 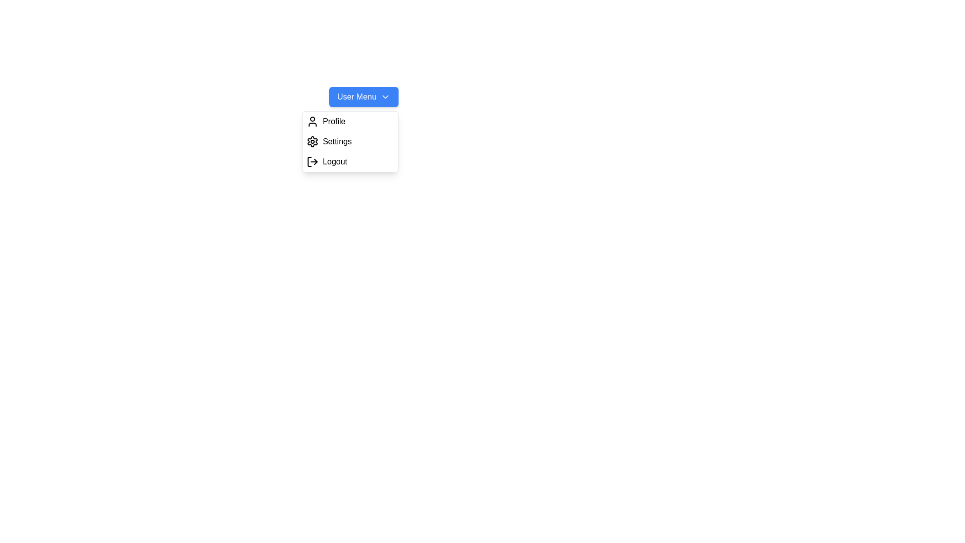 What do you see at coordinates (363, 97) in the screenshot?
I see `the blue 'User Menu' button with white text and a downward-pointing chevron icon` at bounding box center [363, 97].